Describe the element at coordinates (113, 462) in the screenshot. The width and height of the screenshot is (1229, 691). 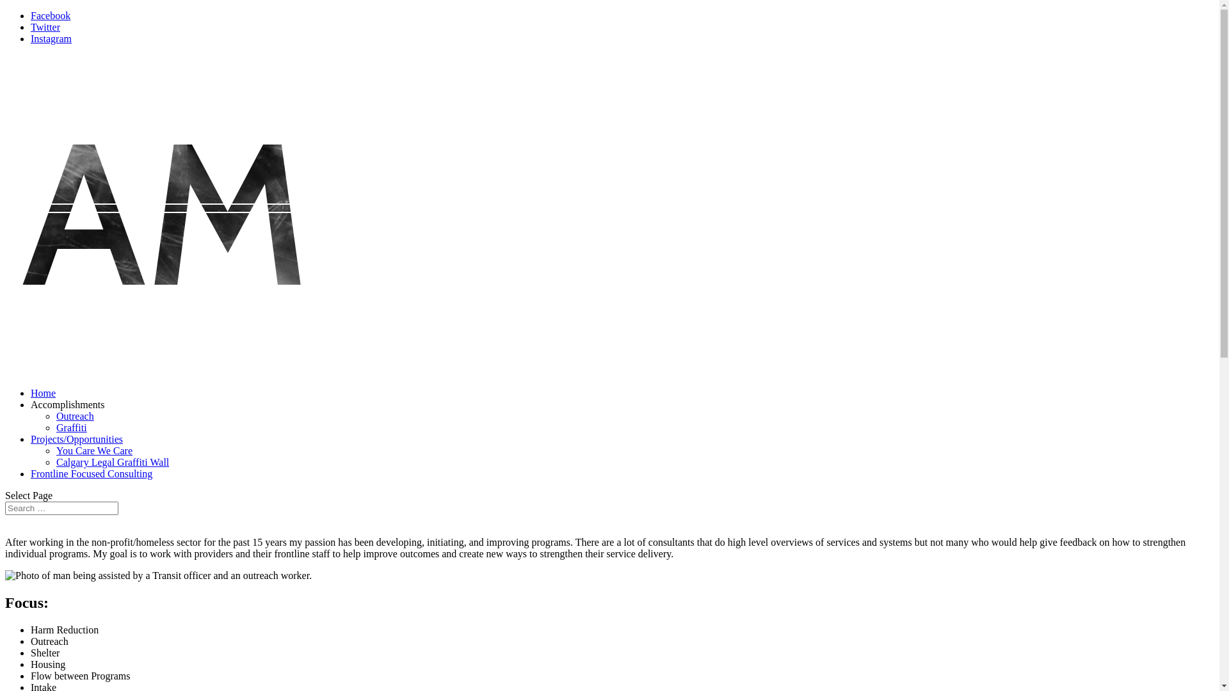
I see `'Calgary Legal Graffiti Wall'` at that location.